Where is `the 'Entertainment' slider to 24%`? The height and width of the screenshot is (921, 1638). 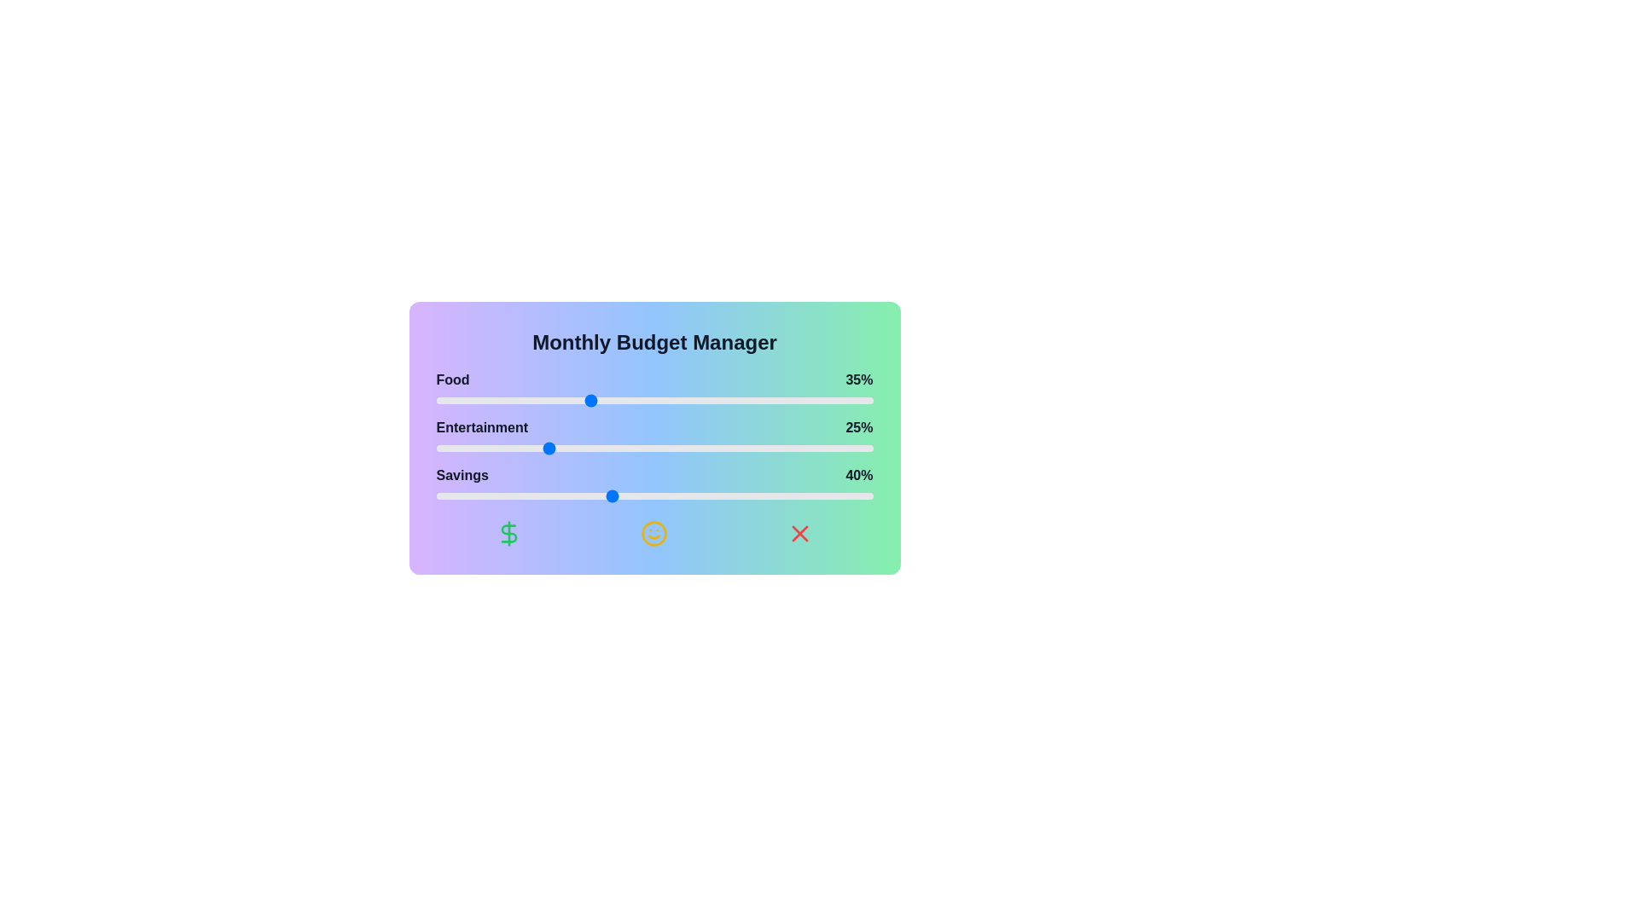 the 'Entertainment' slider to 24% is located at coordinates (540, 447).